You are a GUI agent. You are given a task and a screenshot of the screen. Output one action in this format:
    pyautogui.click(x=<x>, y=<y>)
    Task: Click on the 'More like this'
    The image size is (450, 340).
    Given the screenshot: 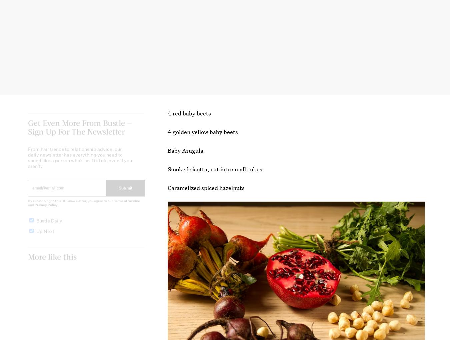 What is the action you would take?
    pyautogui.click(x=52, y=261)
    